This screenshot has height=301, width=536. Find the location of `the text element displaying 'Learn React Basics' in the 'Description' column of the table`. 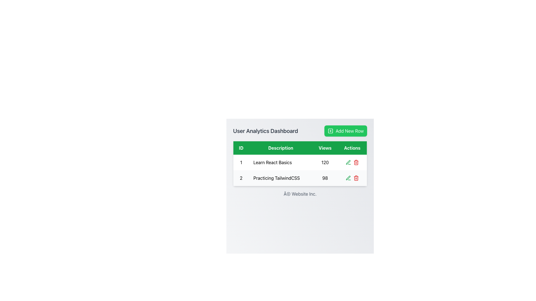

the text element displaying 'Learn React Basics' in the 'Description' column of the table is located at coordinates (281, 162).